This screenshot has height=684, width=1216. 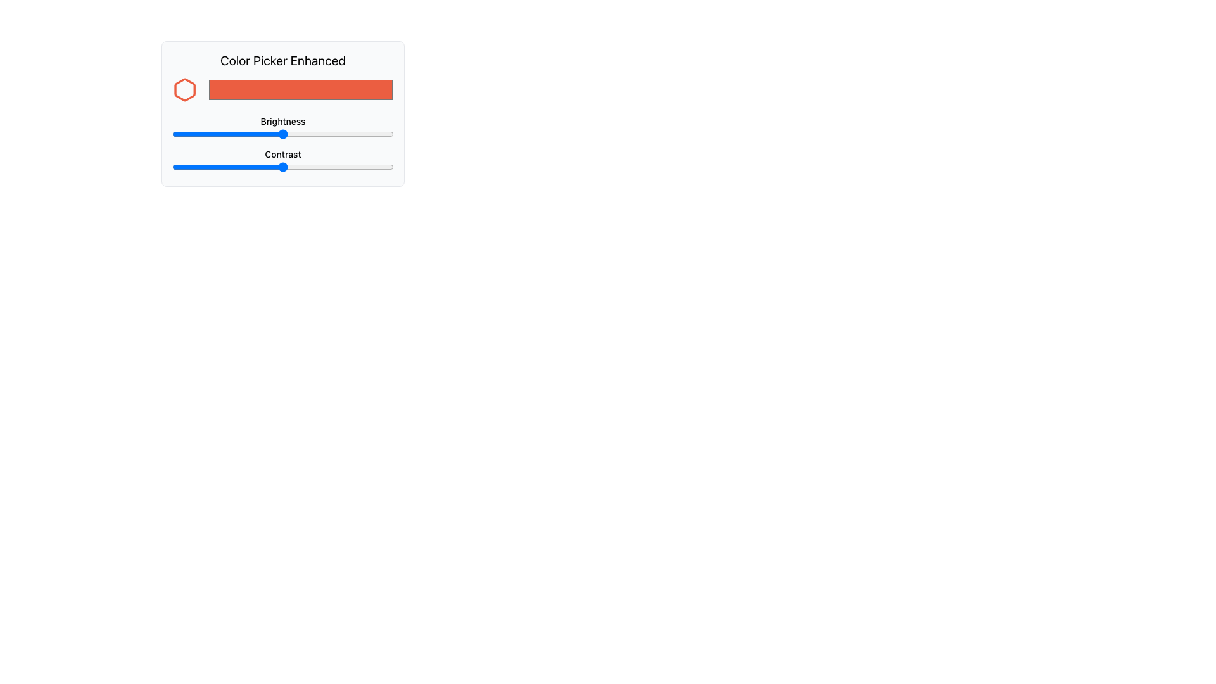 I want to click on brightness level, so click(x=241, y=134).